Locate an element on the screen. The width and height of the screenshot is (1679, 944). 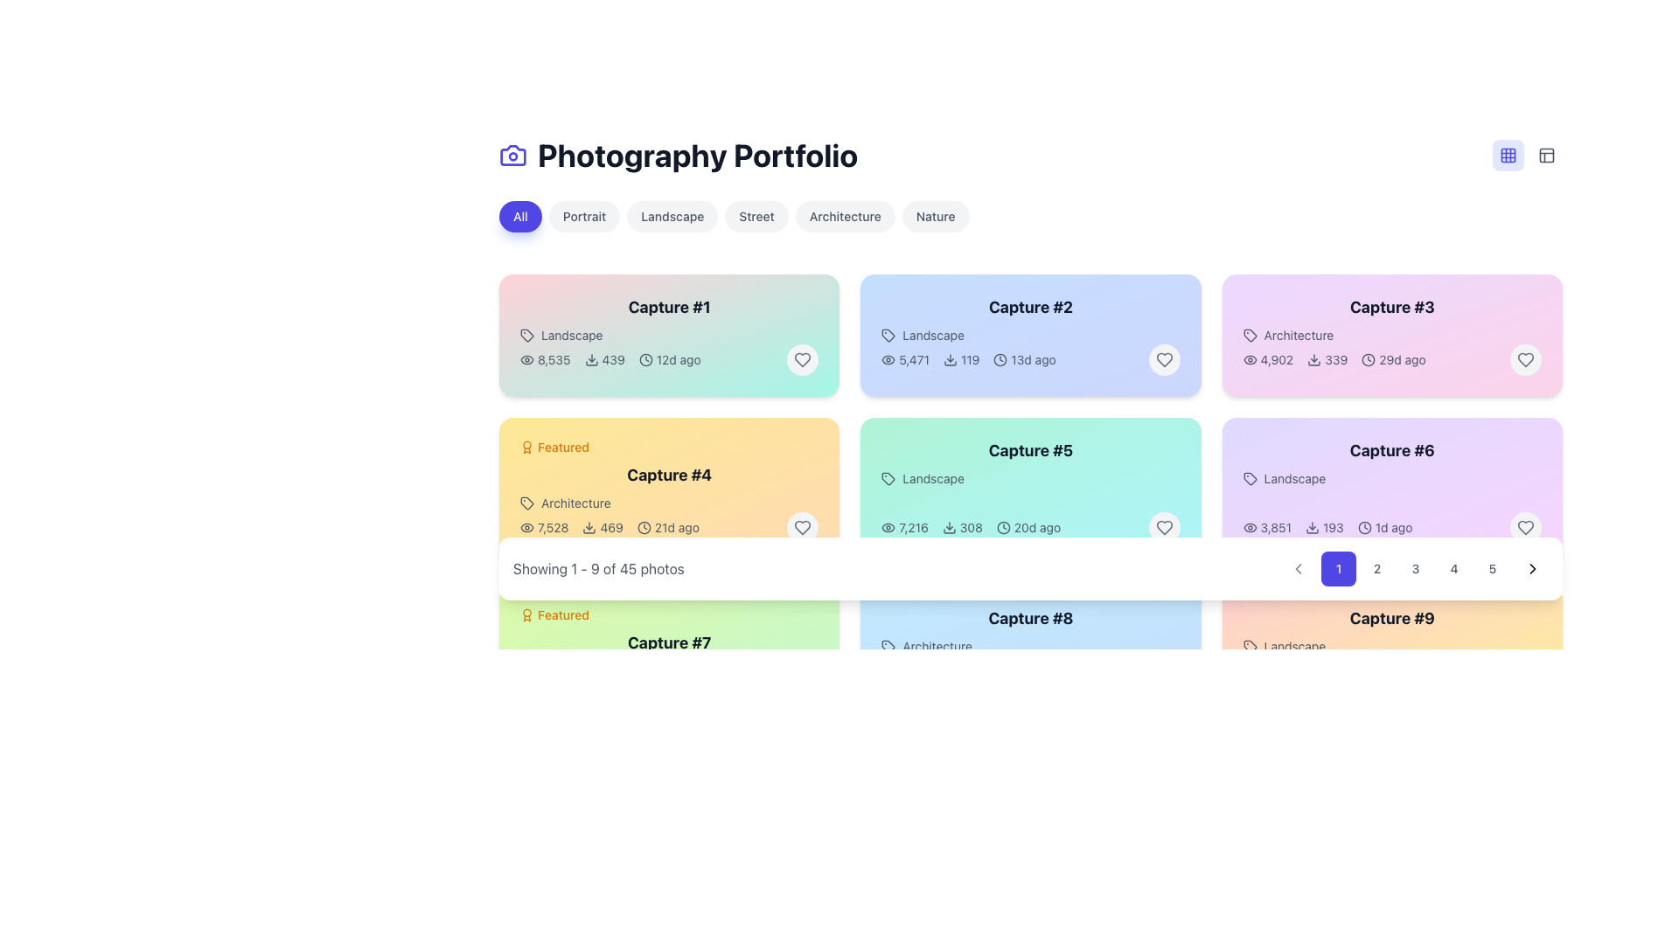
text displayed as '12d ago' in the metadata section of 'Capture #1' located in the top-left card of the gallery grid is located at coordinates (668, 359).